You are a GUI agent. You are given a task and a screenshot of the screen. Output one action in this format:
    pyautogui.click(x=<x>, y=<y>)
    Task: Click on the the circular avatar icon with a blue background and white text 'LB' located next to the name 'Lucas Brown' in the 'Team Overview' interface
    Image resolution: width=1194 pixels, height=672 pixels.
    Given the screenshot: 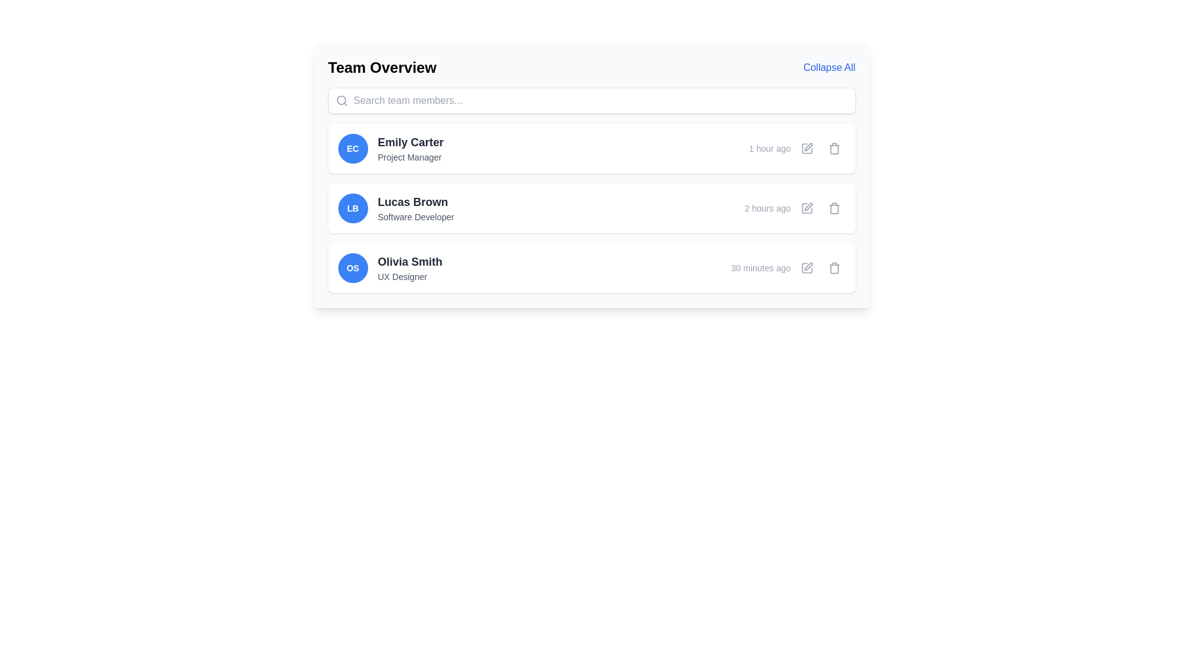 What is the action you would take?
    pyautogui.click(x=352, y=208)
    